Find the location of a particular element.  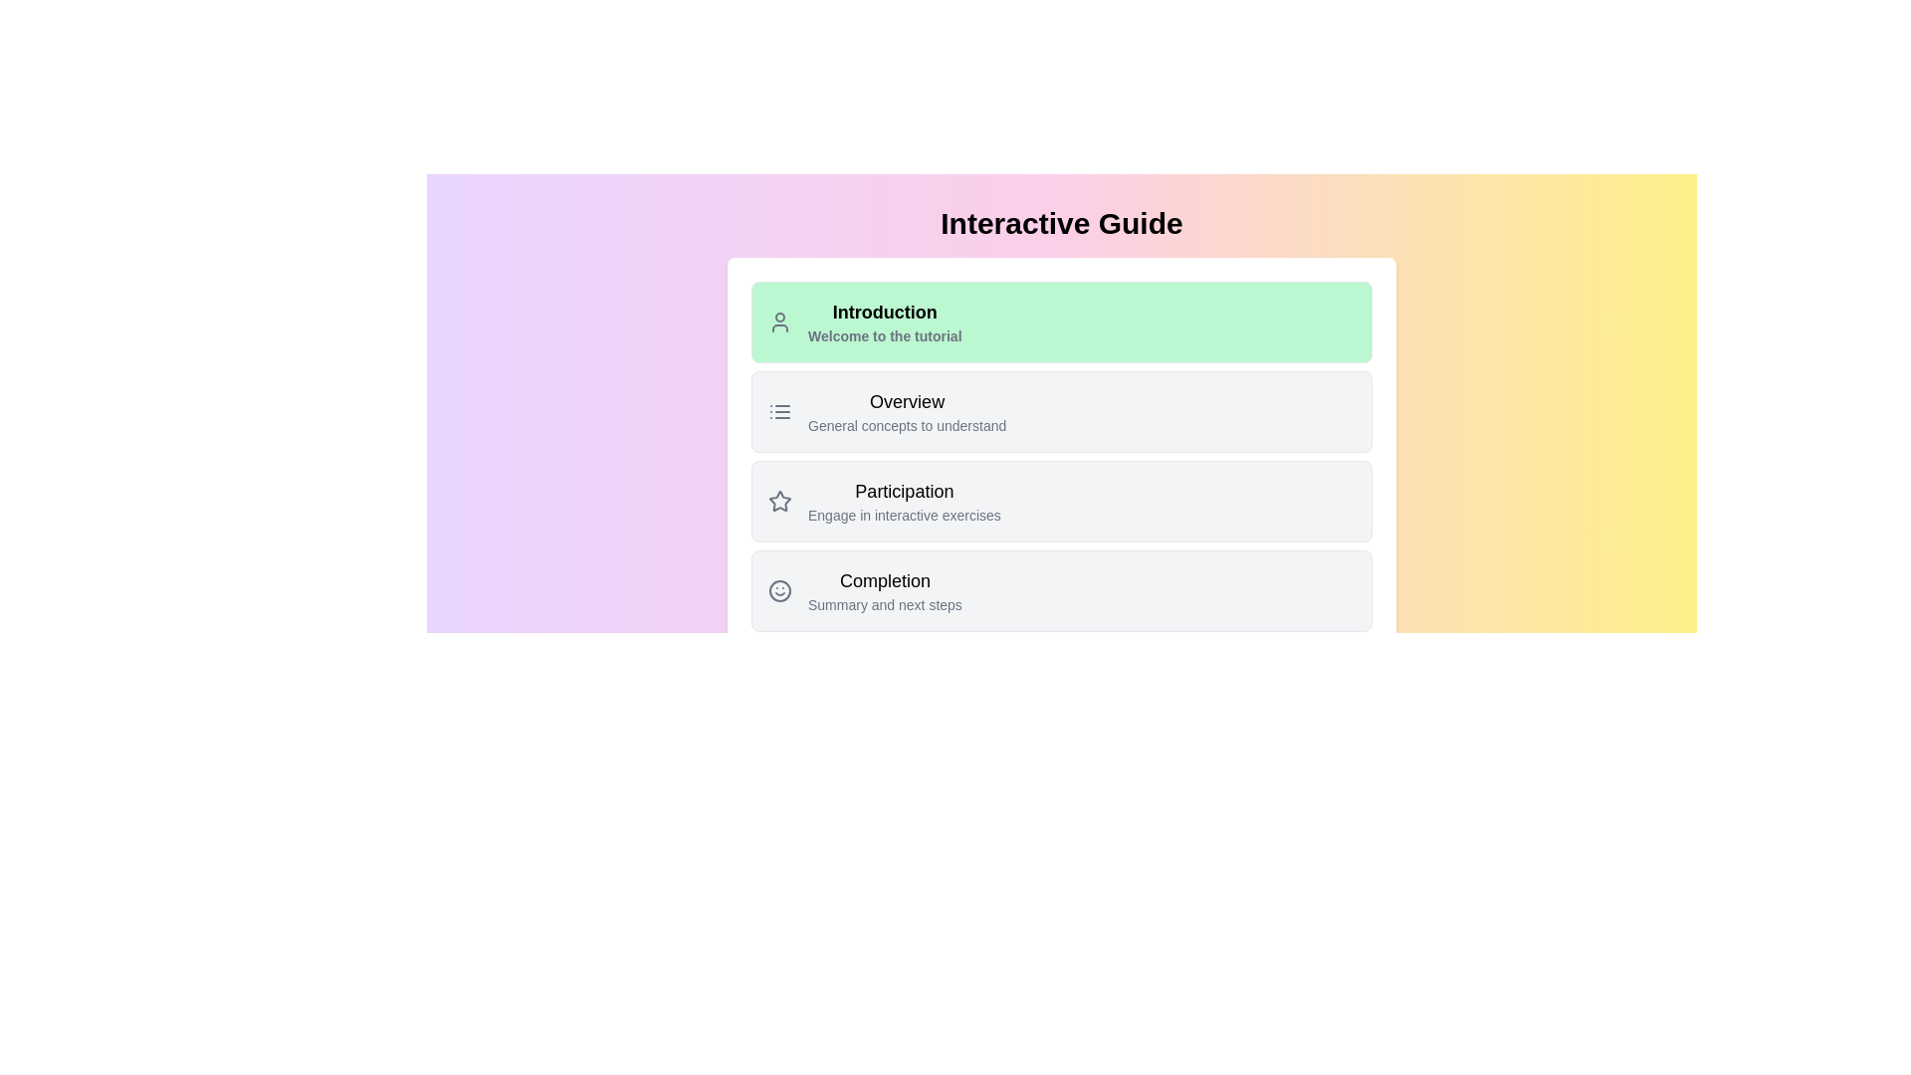

the circular graphical icon representing a smiling face in the 'Completion' section to enhance user engagement is located at coordinates (778, 590).